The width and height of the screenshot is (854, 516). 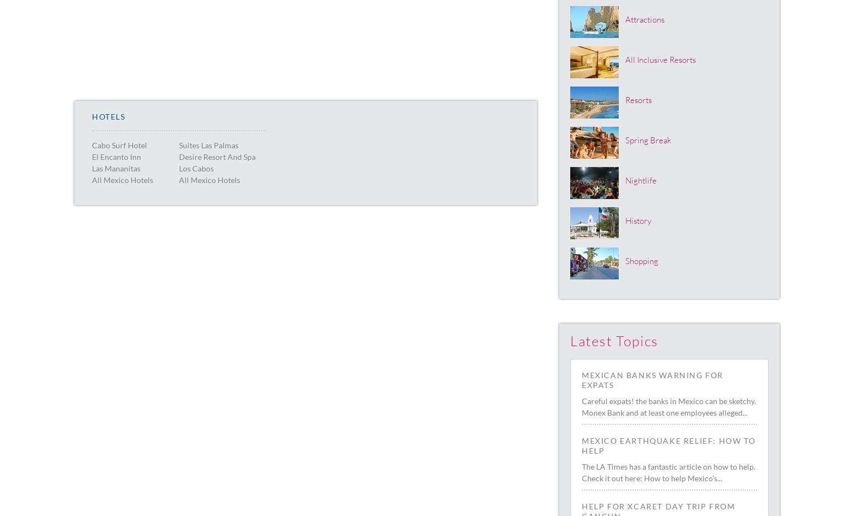 I want to click on 'All Inclusive Resorts', so click(x=660, y=58).